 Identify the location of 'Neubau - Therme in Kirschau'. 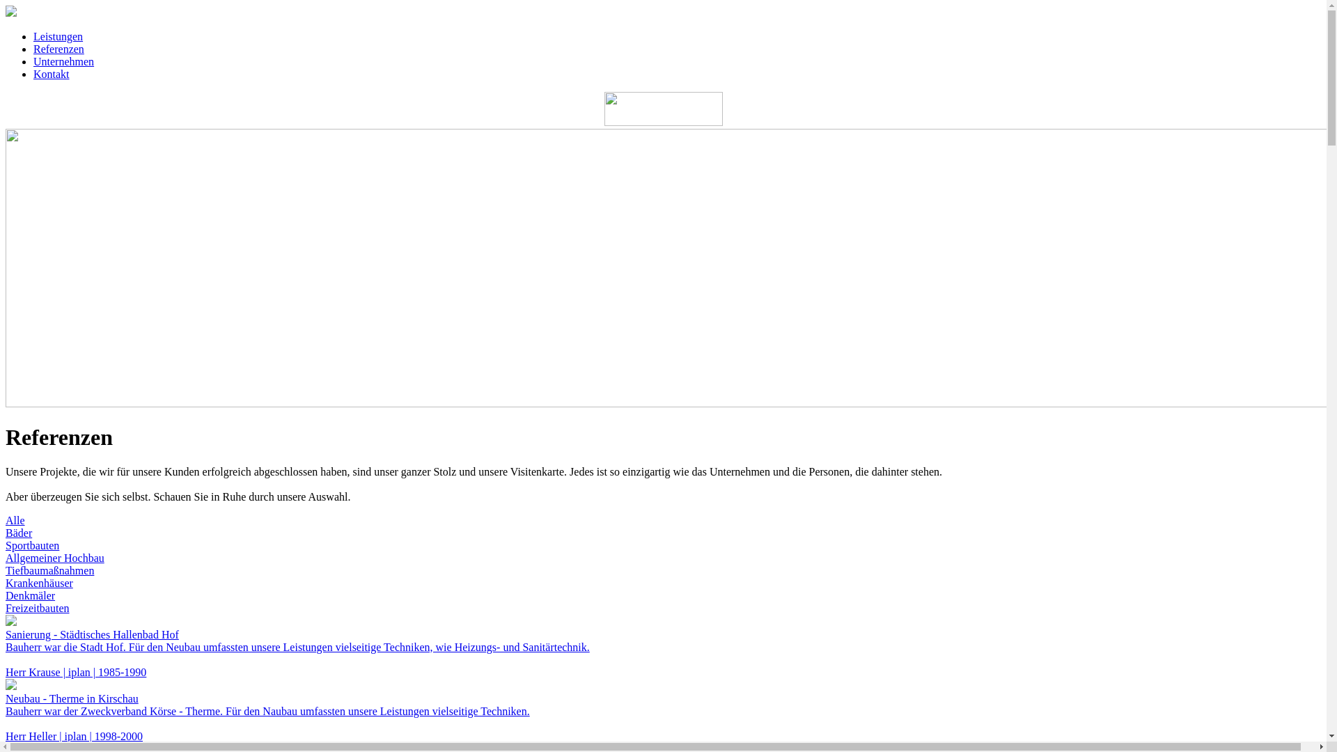
(71, 698).